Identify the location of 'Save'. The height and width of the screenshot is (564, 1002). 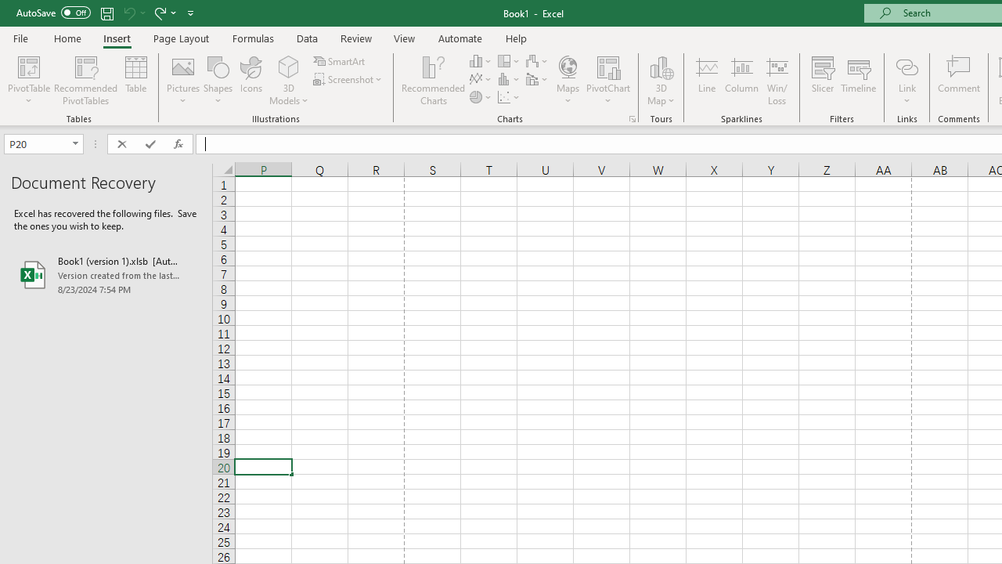
(106, 13).